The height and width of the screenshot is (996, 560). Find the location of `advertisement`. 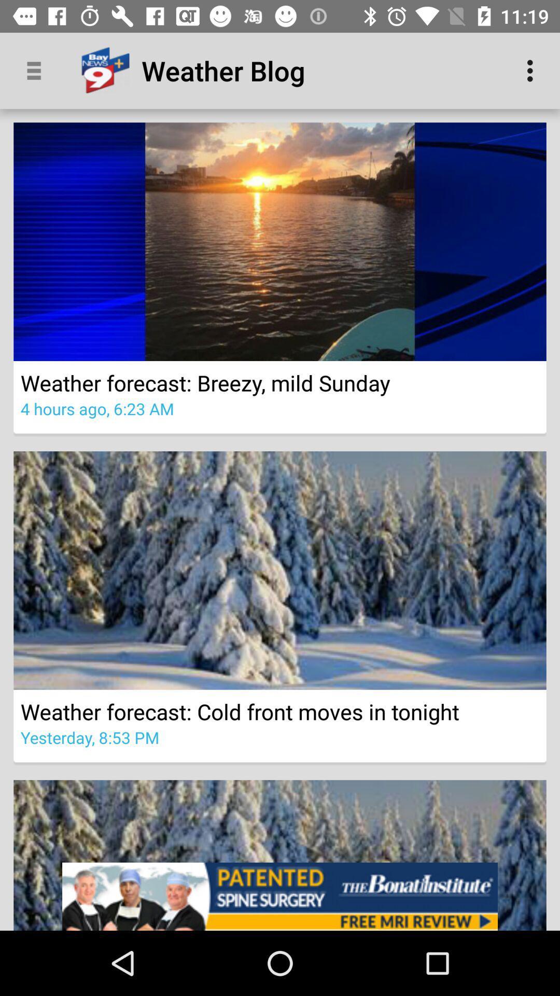

advertisement is located at coordinates (280, 896).